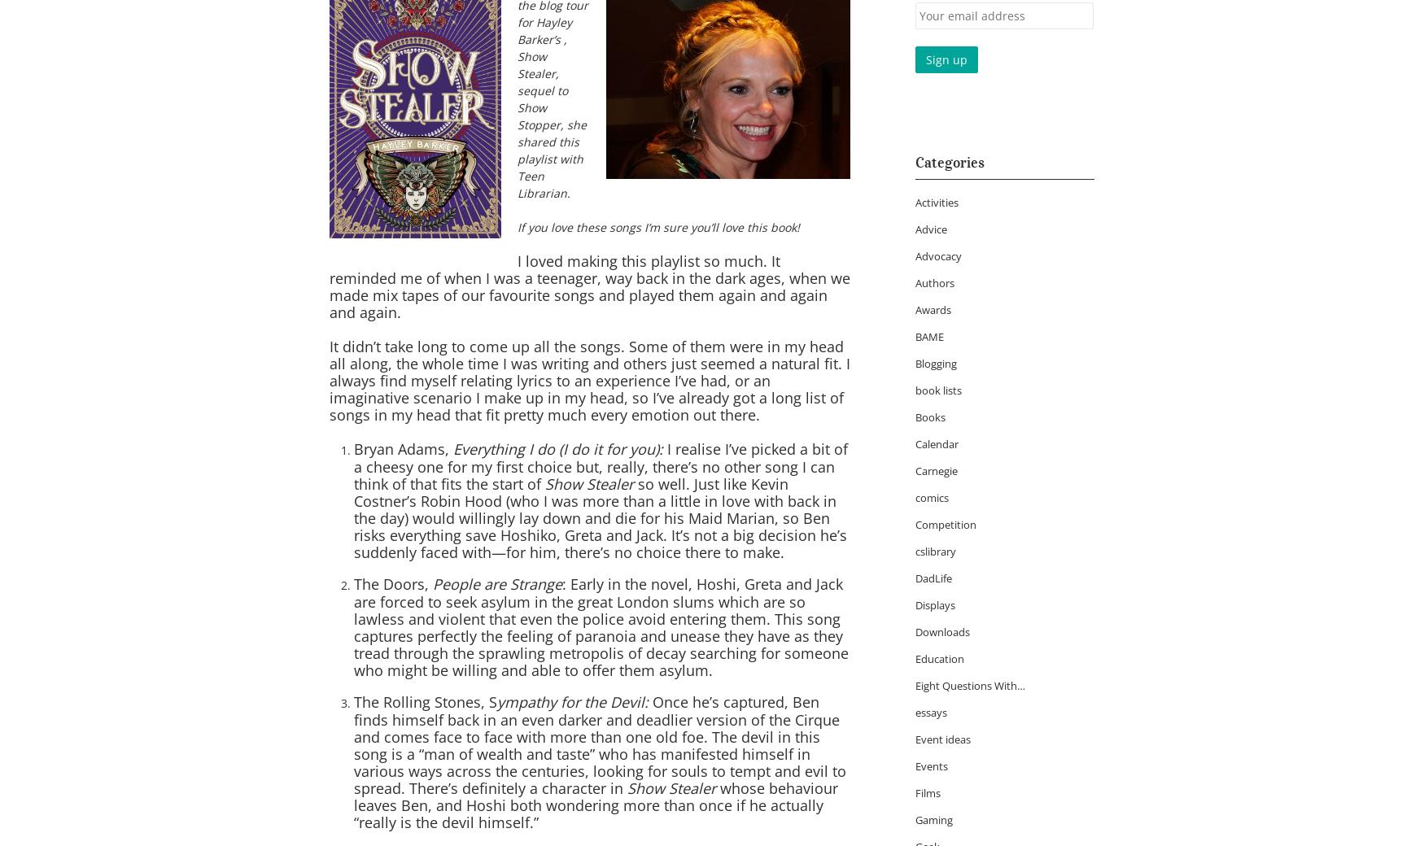 This screenshot has height=846, width=1424. What do you see at coordinates (933, 578) in the screenshot?
I see `'DadLife'` at bounding box center [933, 578].